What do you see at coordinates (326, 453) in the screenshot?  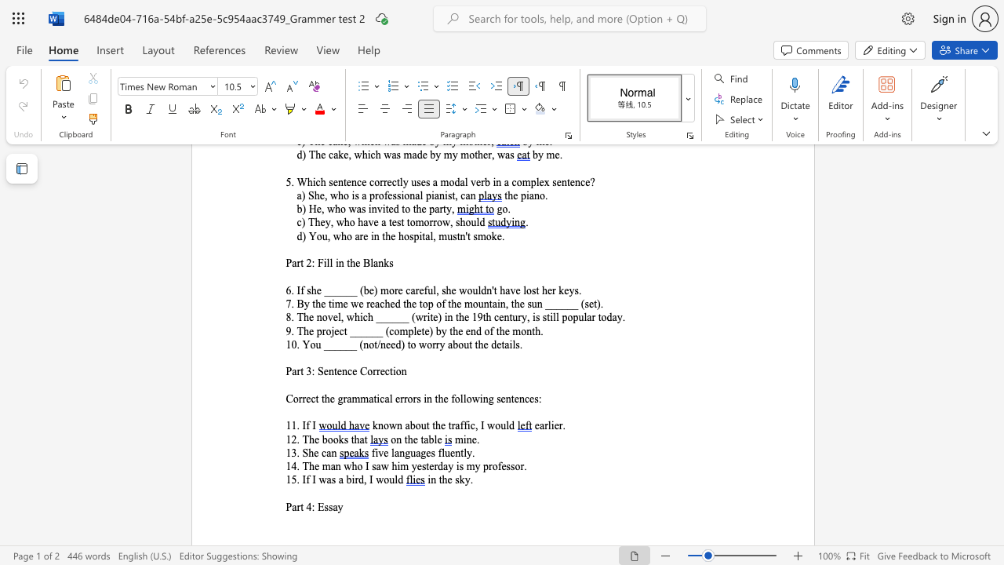 I see `the space between the continuous character "c" and "a" in the text` at bounding box center [326, 453].